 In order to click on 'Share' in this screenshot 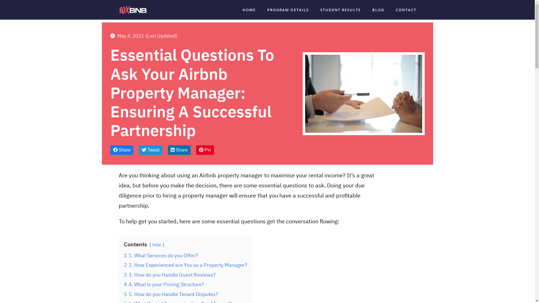, I will do `click(121, 150)`.